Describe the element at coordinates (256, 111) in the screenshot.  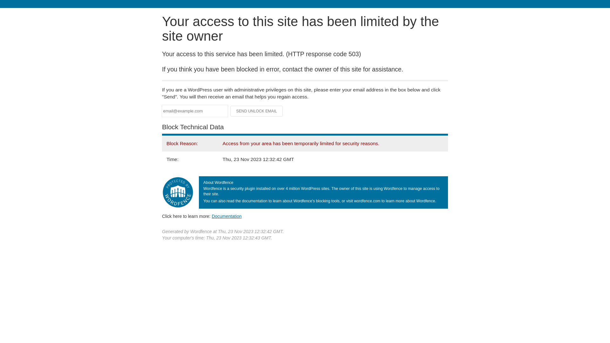
I see `'Send Unlock Email'` at that location.